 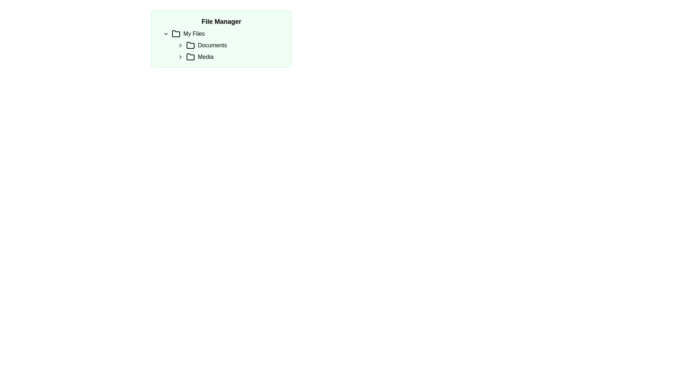 What do you see at coordinates (191, 45) in the screenshot?
I see `the folder icon below the 'Documents' label` at bounding box center [191, 45].